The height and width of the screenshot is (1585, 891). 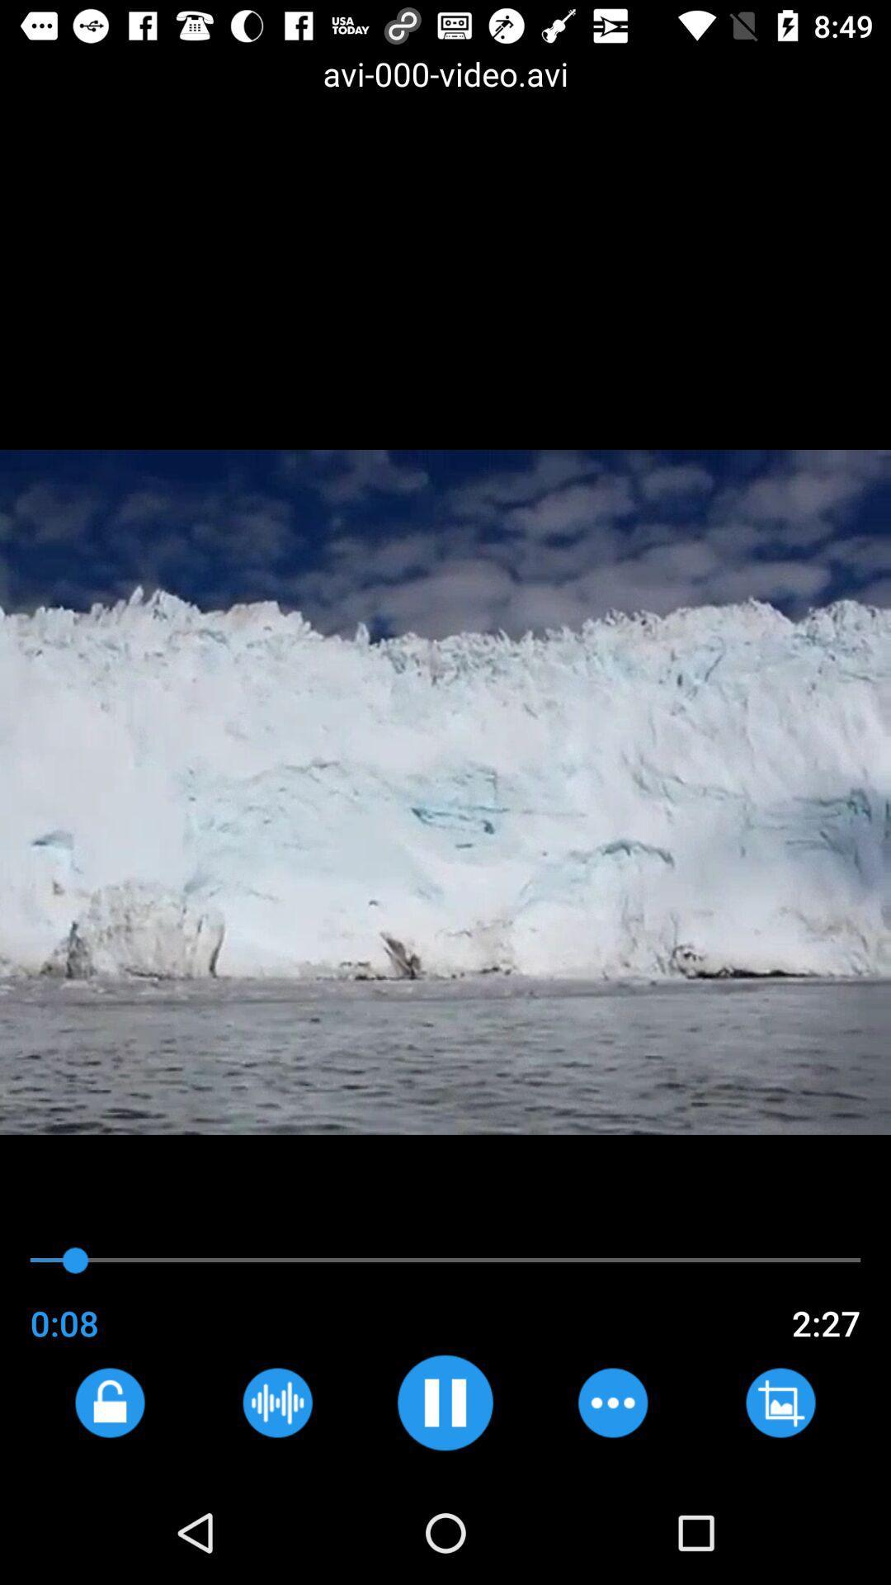 I want to click on record page, so click(x=276, y=1402).